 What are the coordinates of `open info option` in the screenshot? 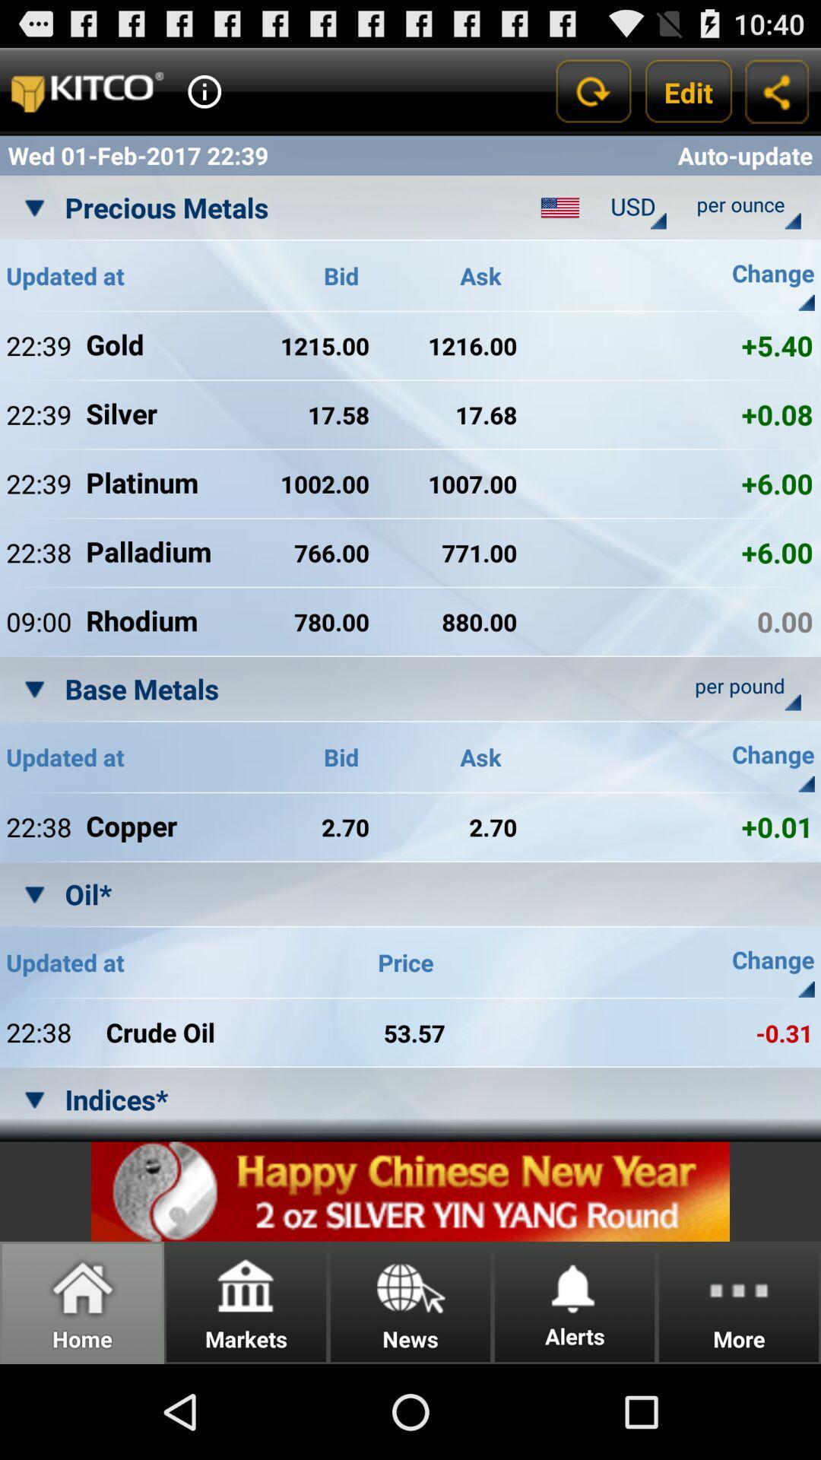 It's located at (204, 90).